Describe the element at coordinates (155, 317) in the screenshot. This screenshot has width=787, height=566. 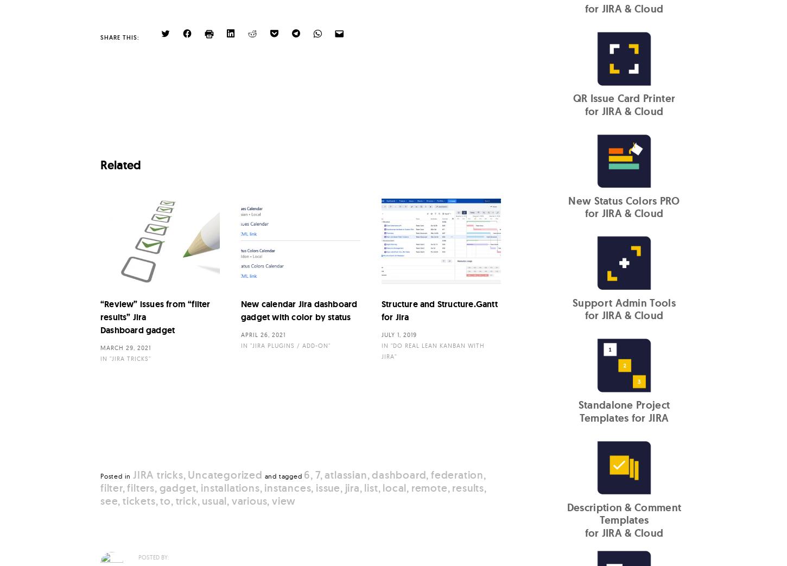
I see `'“Review” issues from “filter results” Jira Dashboard gadget'` at that location.